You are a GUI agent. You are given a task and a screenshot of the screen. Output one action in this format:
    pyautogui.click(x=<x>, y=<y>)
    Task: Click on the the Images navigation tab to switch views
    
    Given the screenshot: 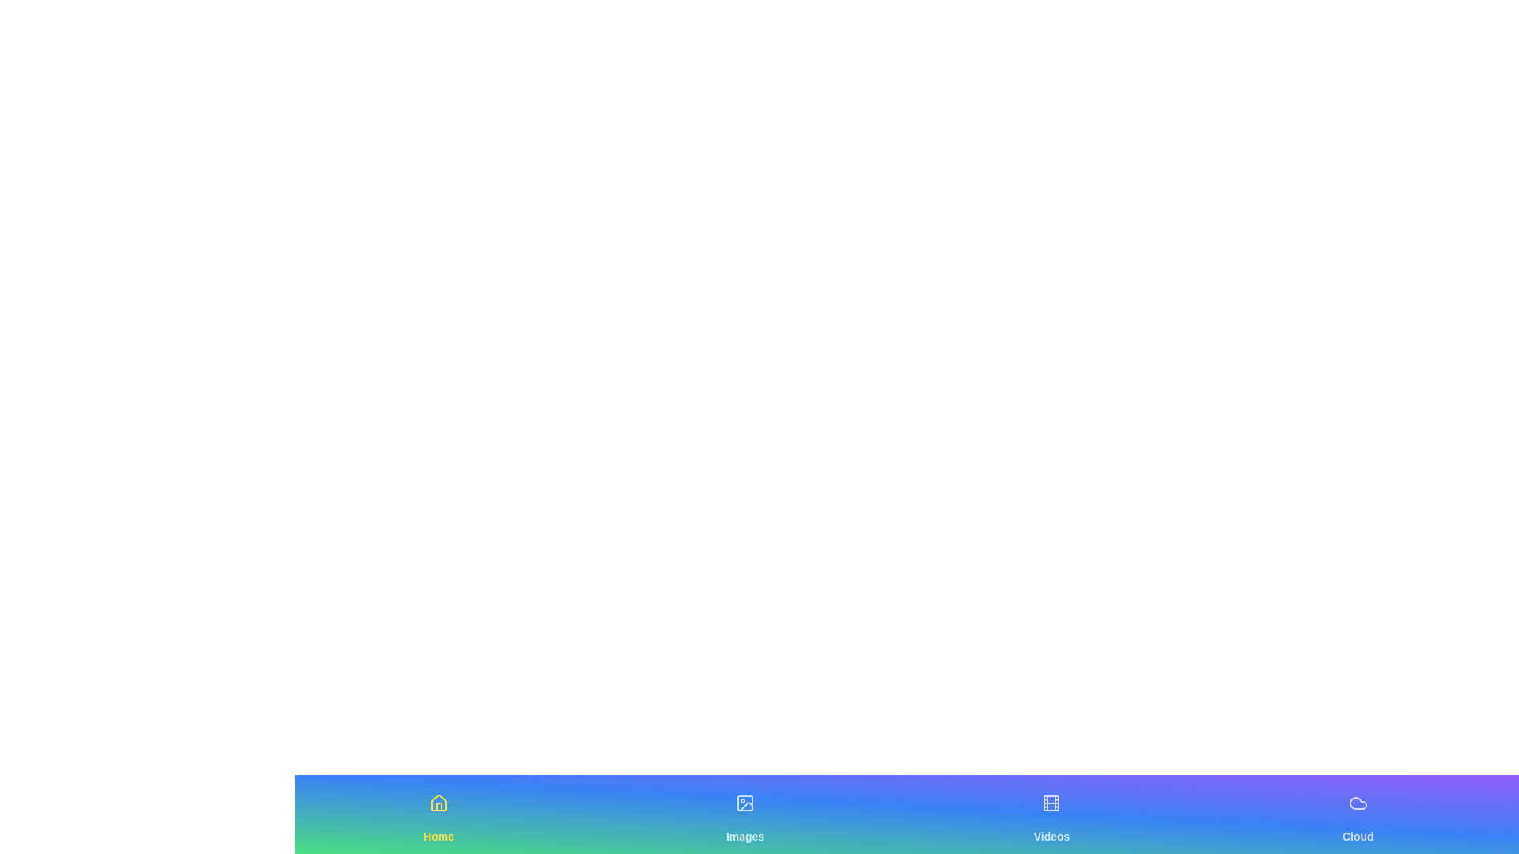 What is the action you would take?
    pyautogui.click(x=744, y=814)
    